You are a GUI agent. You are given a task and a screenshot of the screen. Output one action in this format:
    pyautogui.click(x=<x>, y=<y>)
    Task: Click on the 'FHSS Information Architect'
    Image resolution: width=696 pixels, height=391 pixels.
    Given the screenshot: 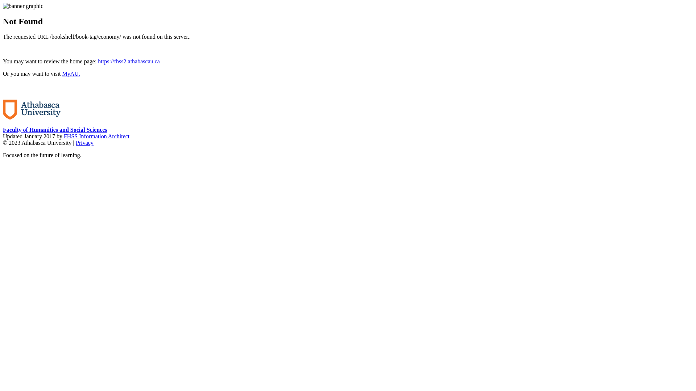 What is the action you would take?
    pyautogui.click(x=96, y=136)
    